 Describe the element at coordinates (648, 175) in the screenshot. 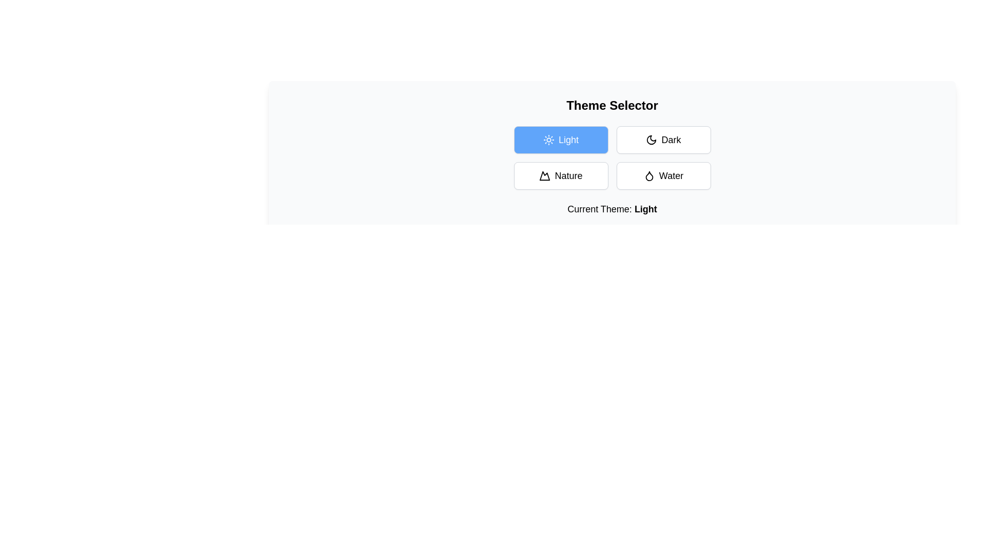

I see `the 'Water' theme icon, which is represented by a droplet and located within the 'Water' selection button in the lower-right area of the theme selector interface` at that location.